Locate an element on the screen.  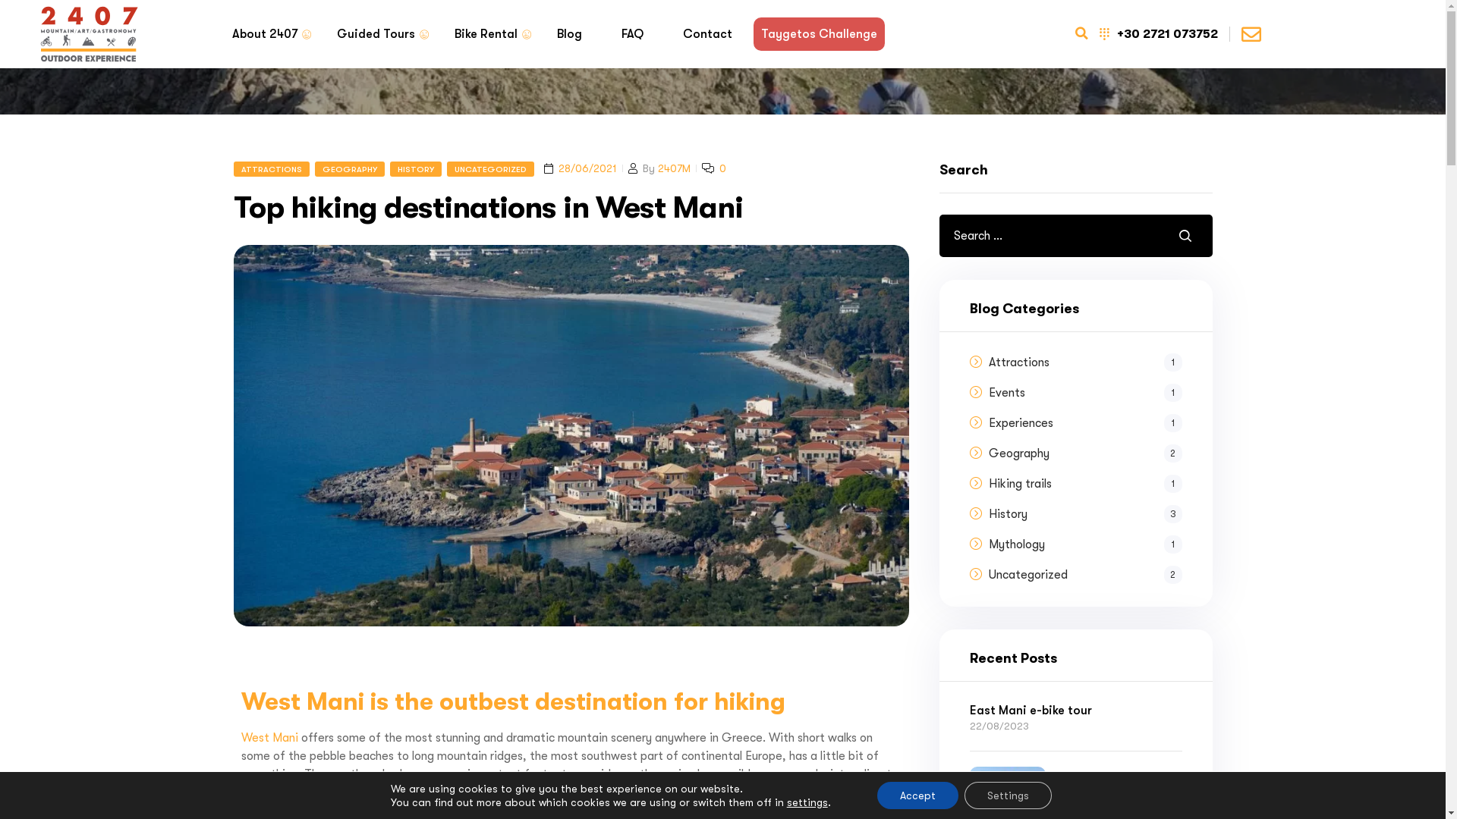
'History is located at coordinates (1084, 513).